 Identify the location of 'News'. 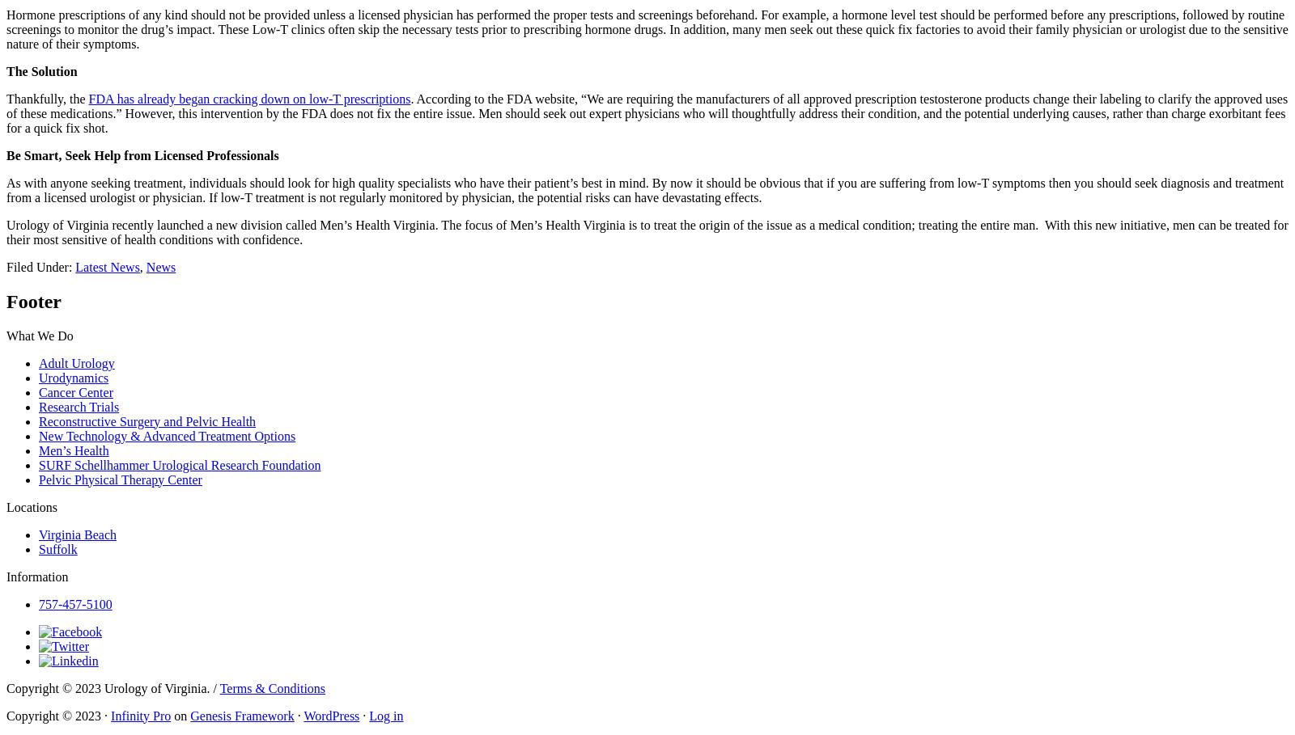
(159, 266).